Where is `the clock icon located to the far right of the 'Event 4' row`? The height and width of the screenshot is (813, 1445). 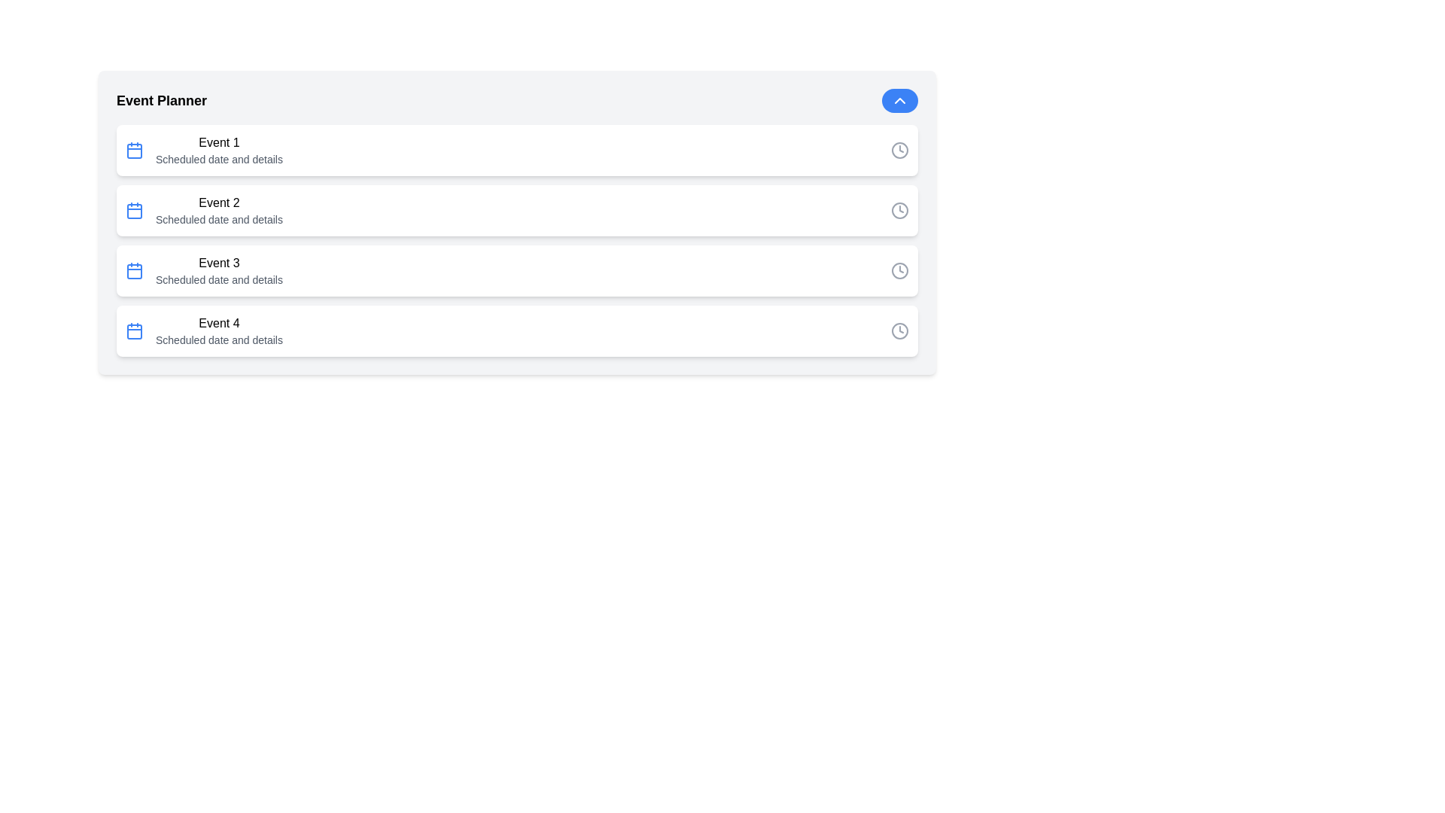 the clock icon located to the far right of the 'Event 4' row is located at coordinates (899, 330).